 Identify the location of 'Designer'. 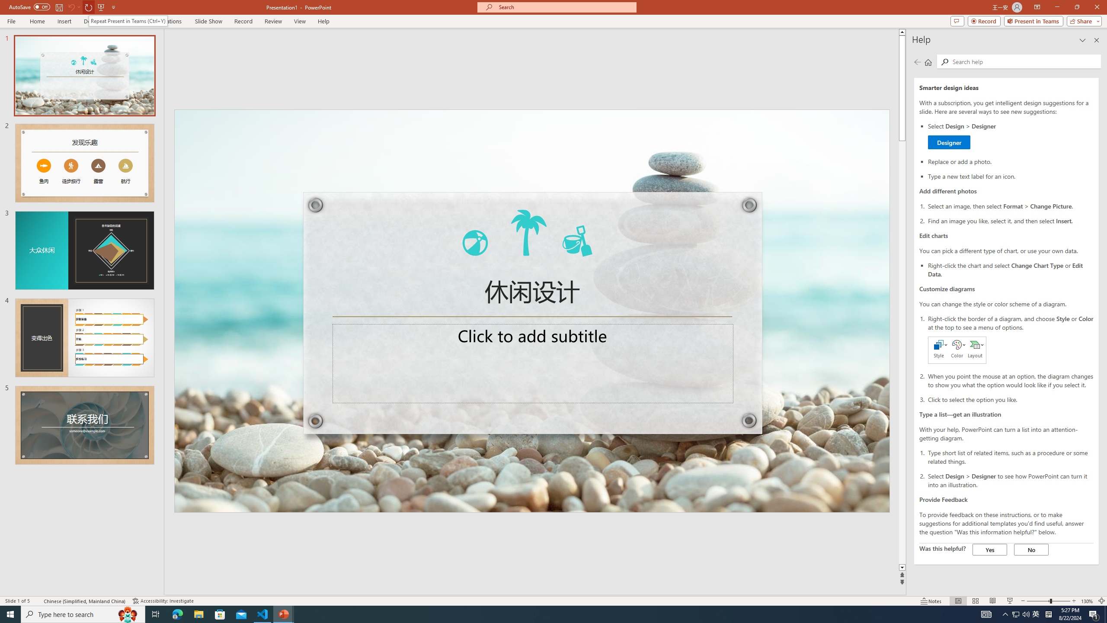
(949, 142).